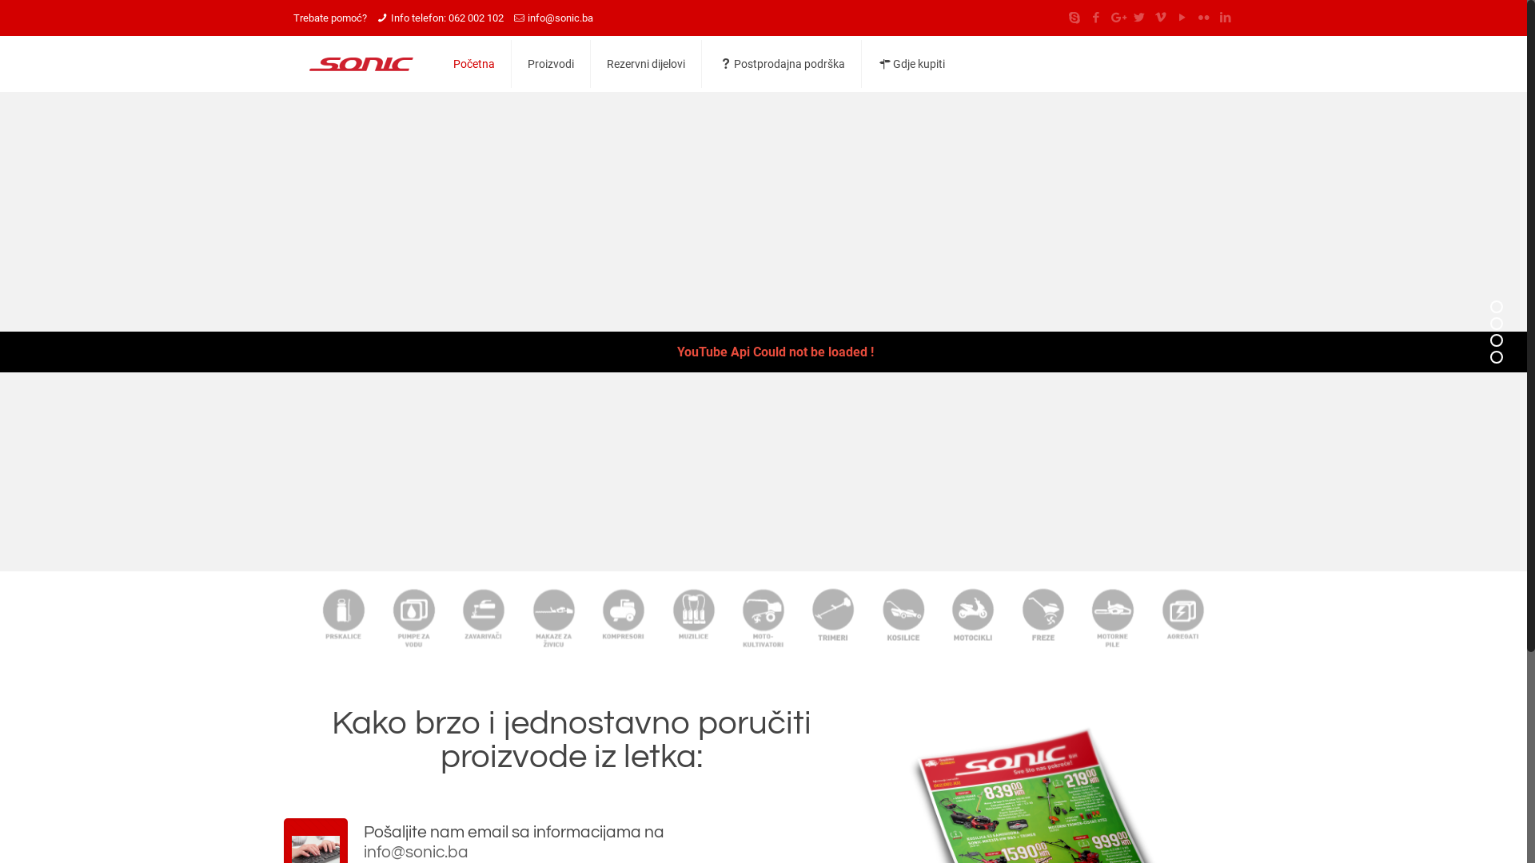 This screenshot has width=1535, height=863. Describe the element at coordinates (1111, 616) in the screenshot. I see `'Motorne pile'` at that location.